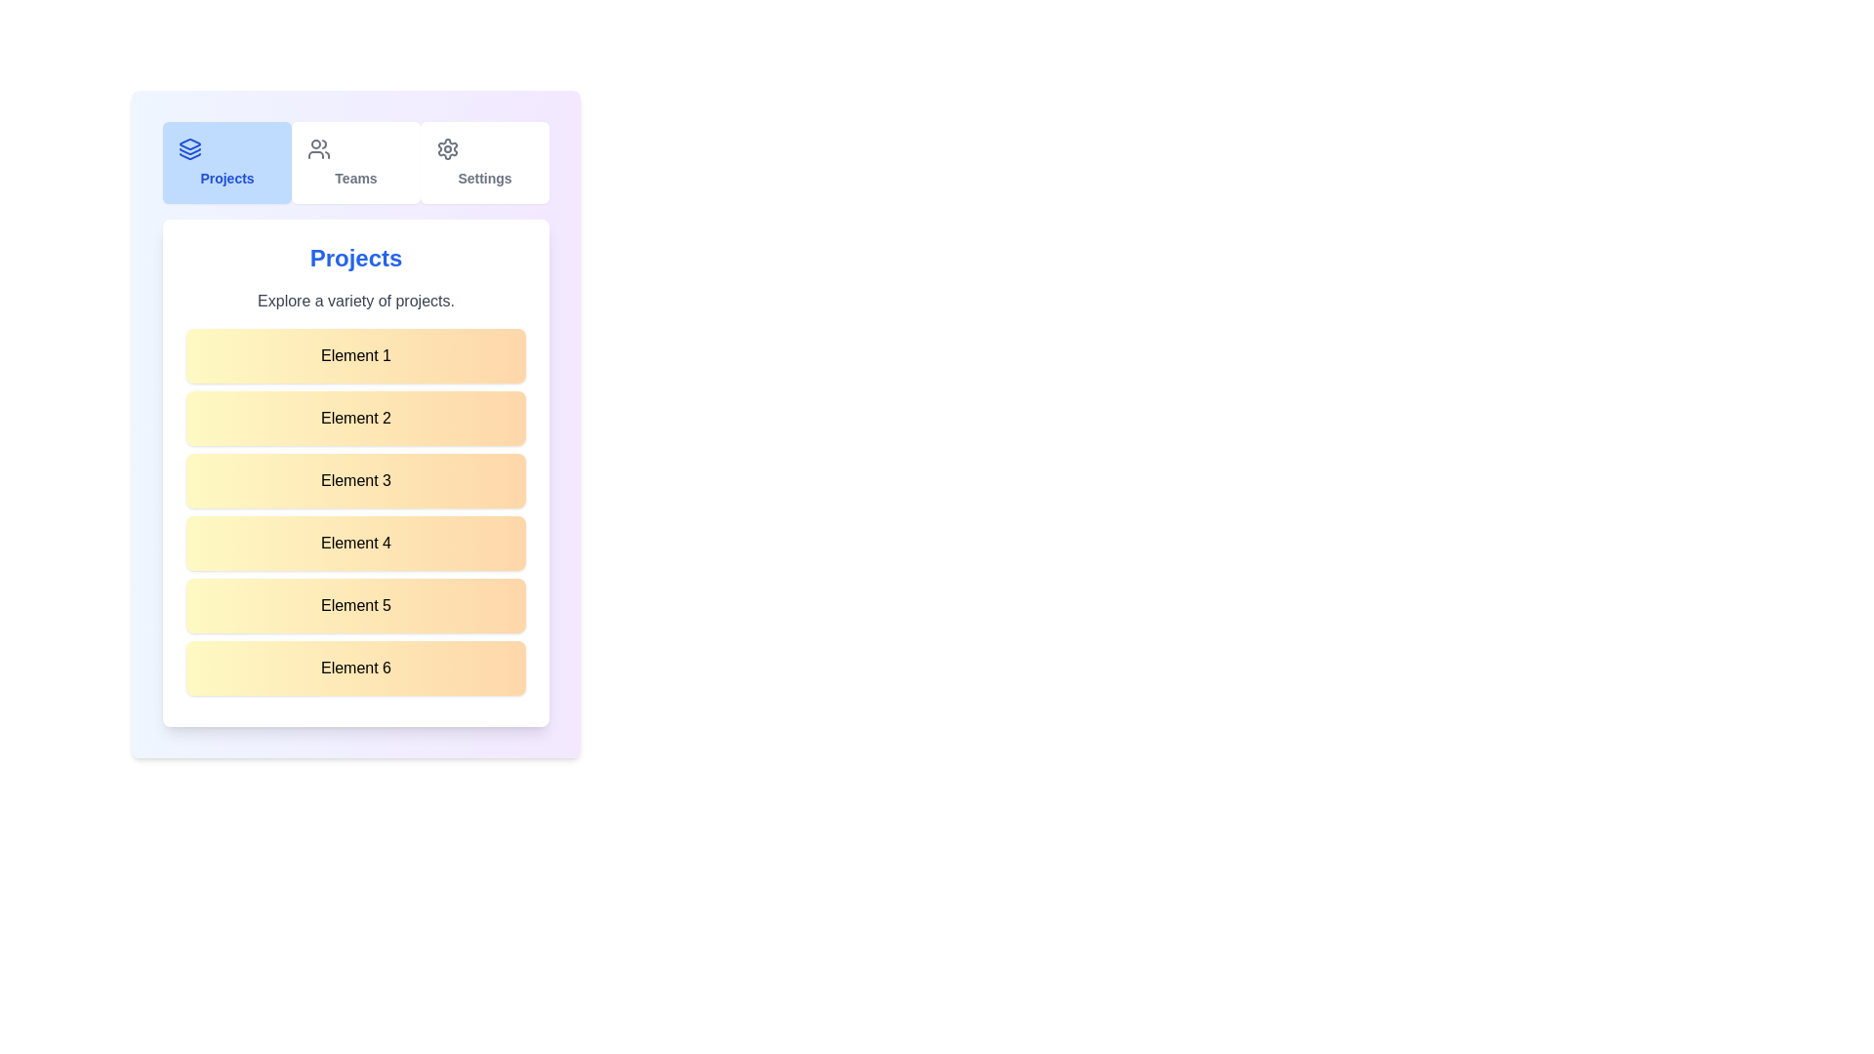  Describe the element at coordinates (355, 543) in the screenshot. I see `the list item labeled 'Element 4'` at that location.